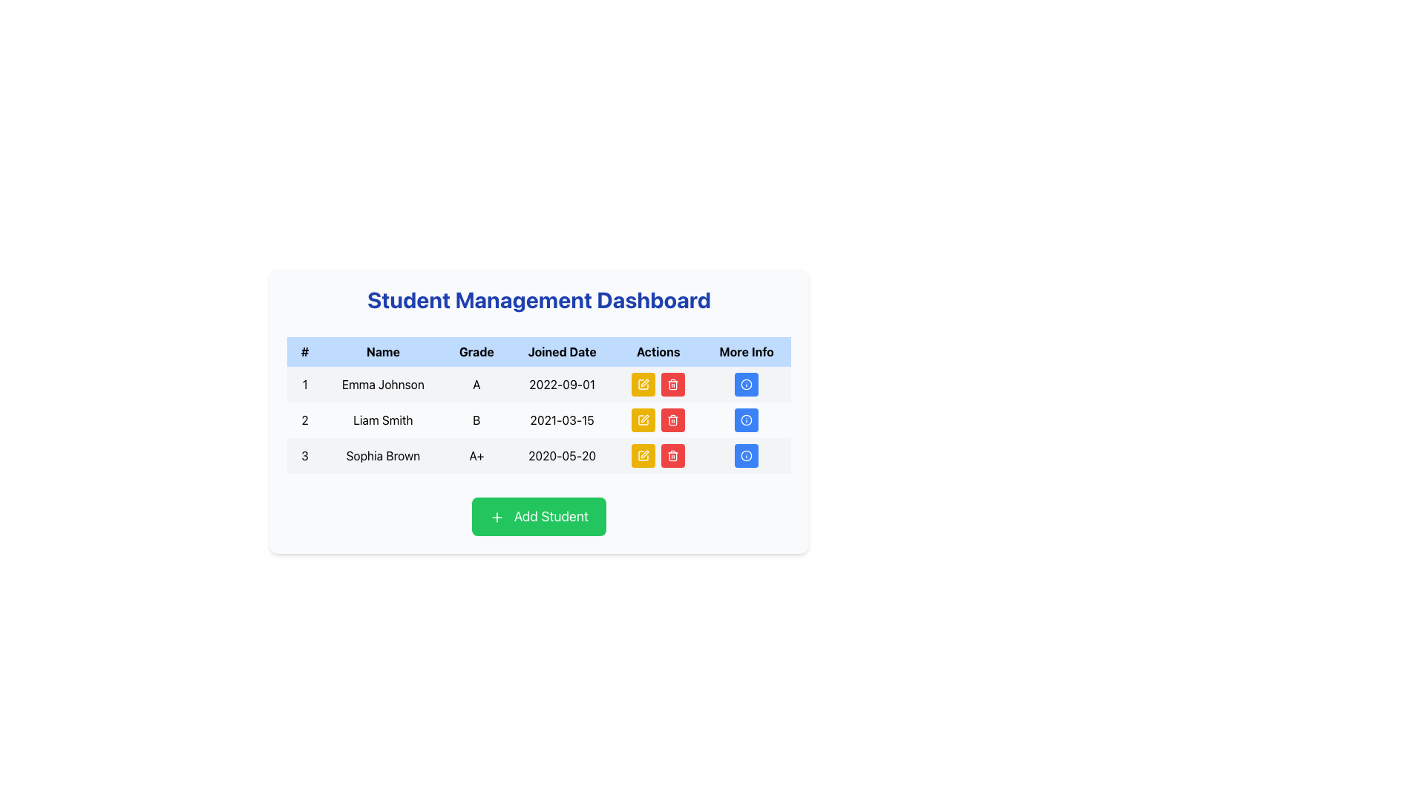 Image resolution: width=1425 pixels, height=802 pixels. I want to click on the pen icon button with a bright yellow background, located in the 'Actions' column of the second row, so click(643, 420).